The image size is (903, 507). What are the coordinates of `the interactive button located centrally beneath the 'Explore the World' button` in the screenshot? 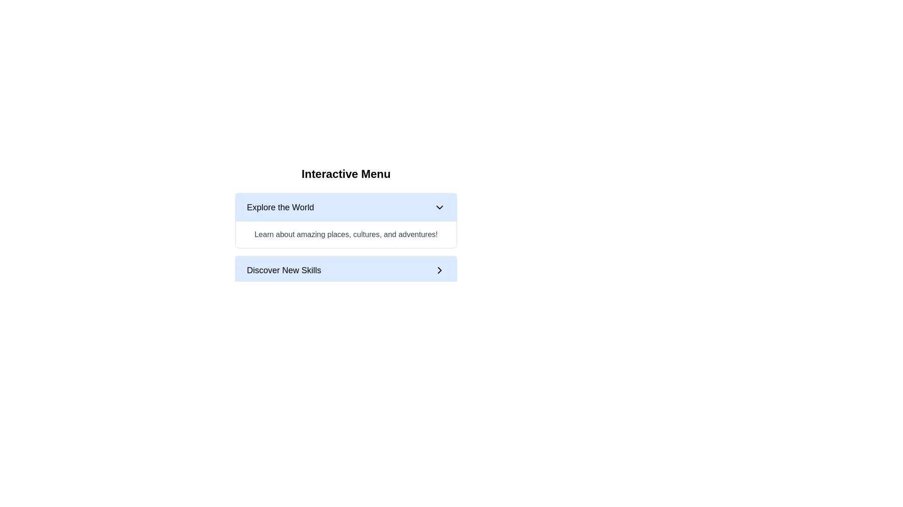 It's located at (345, 270).